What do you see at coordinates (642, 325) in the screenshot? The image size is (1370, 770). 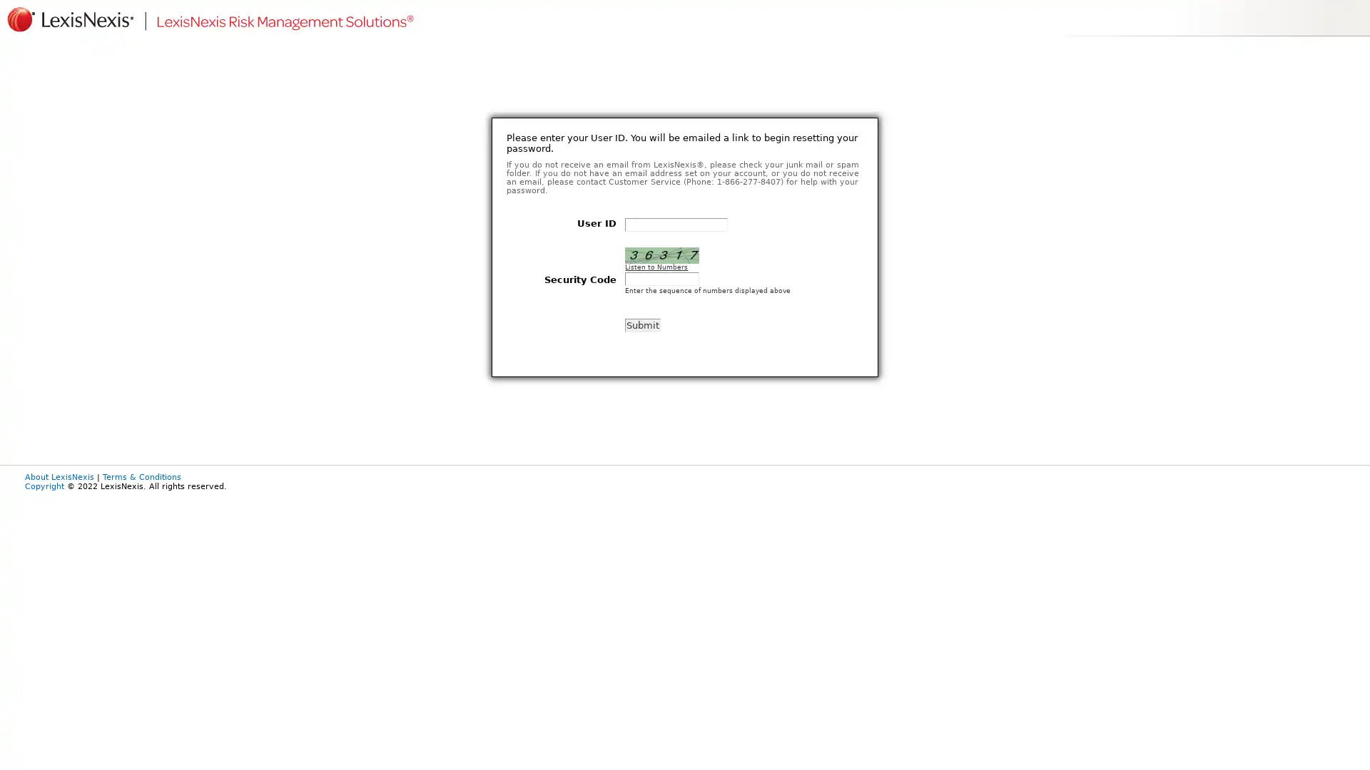 I see `Submit` at bounding box center [642, 325].